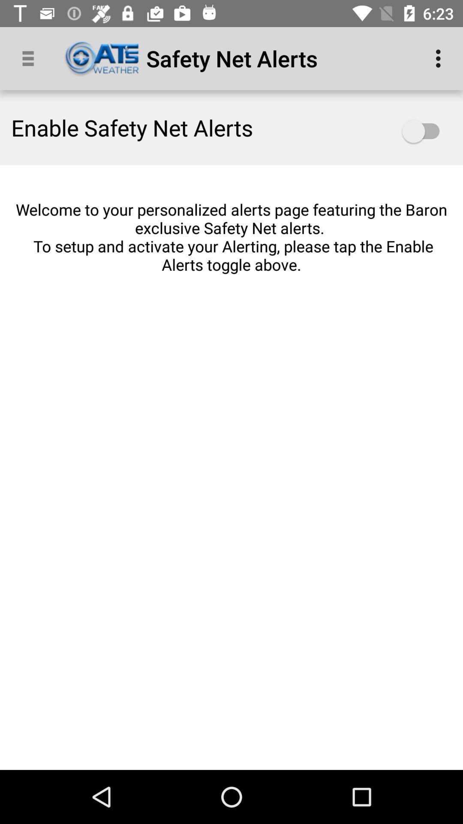  What do you see at coordinates (440, 58) in the screenshot?
I see `app to the right of the safety net alerts app` at bounding box center [440, 58].